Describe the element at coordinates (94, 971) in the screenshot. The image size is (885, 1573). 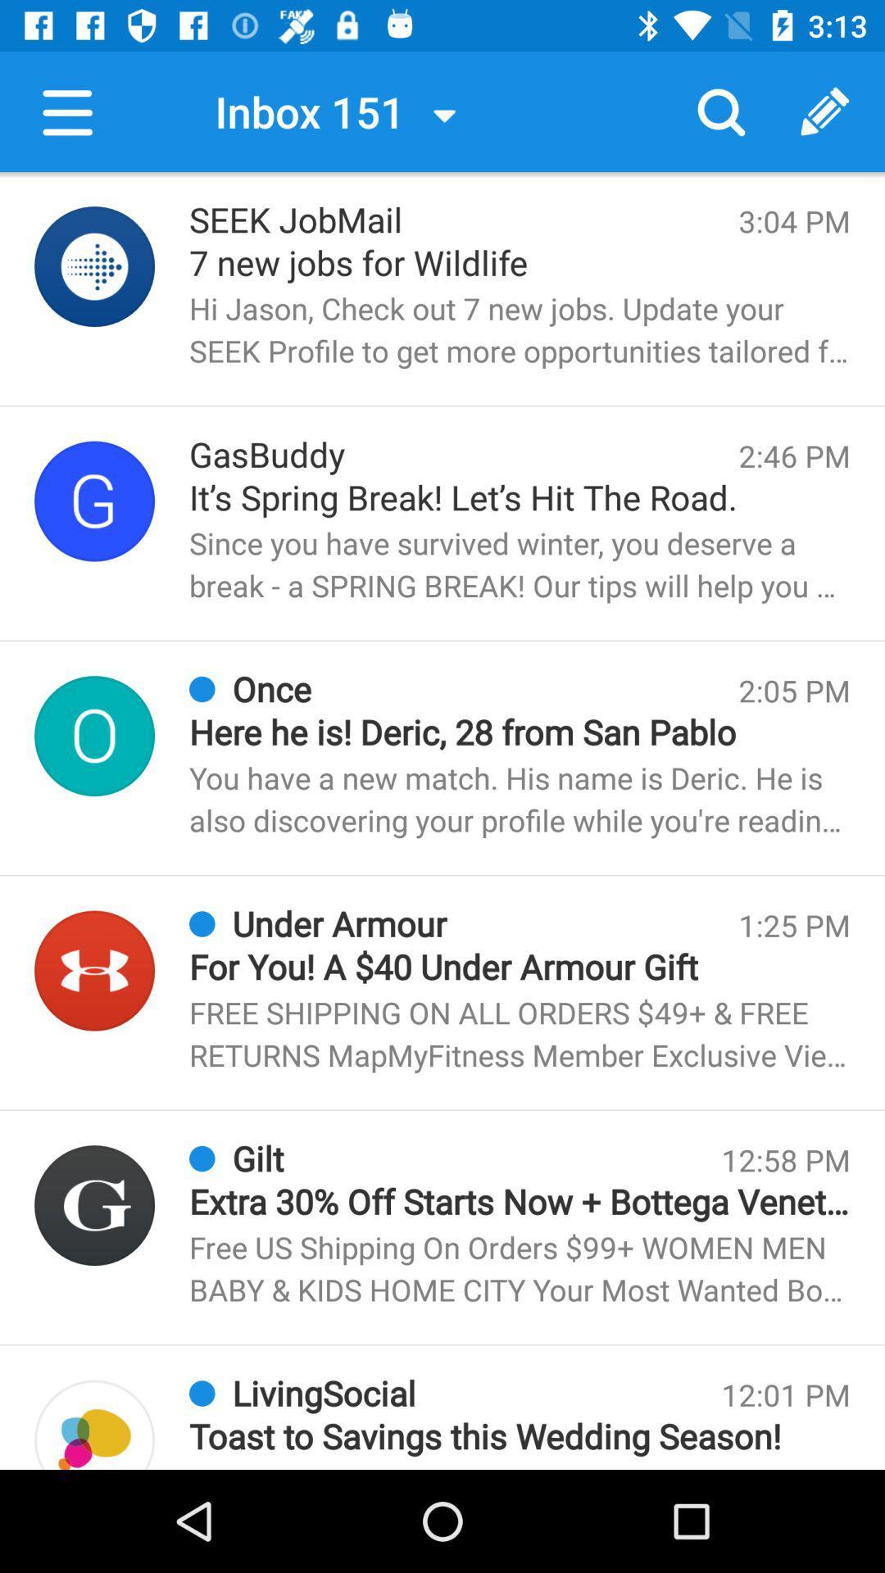
I see `profile picture` at that location.